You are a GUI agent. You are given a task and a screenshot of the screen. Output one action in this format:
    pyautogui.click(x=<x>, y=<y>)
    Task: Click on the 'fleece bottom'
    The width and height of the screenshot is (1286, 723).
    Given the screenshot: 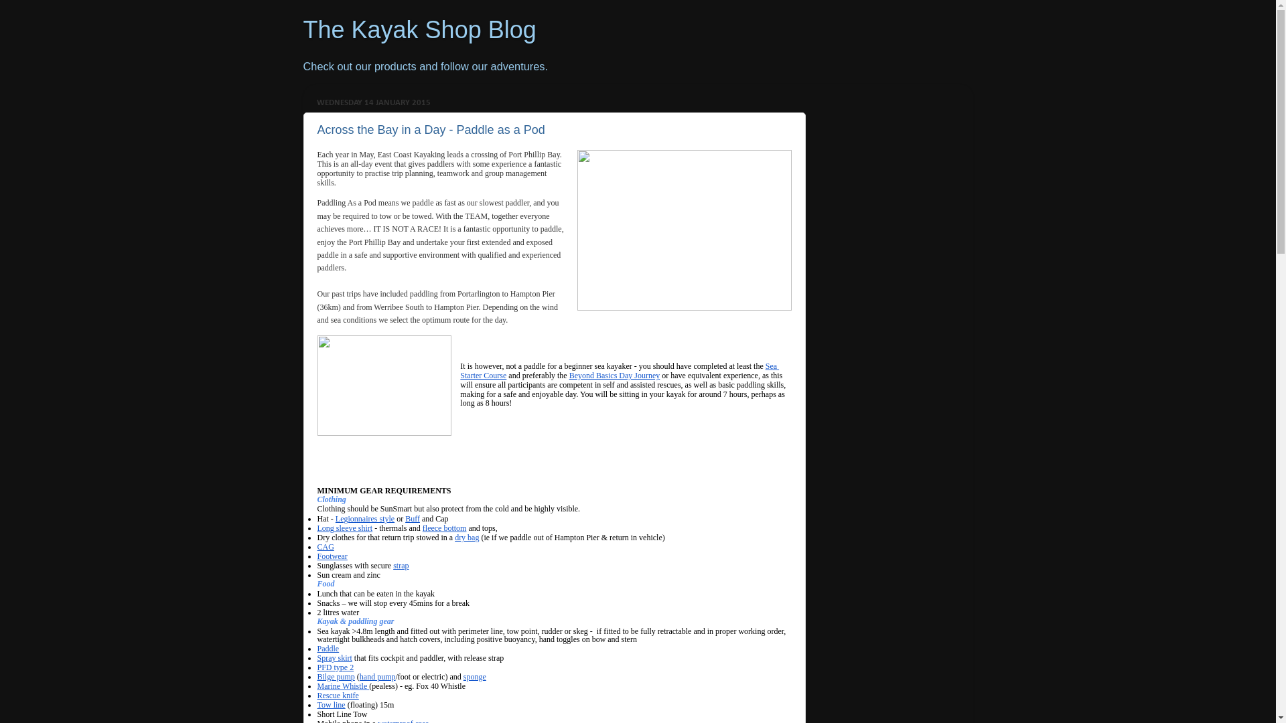 What is the action you would take?
    pyautogui.click(x=421, y=528)
    